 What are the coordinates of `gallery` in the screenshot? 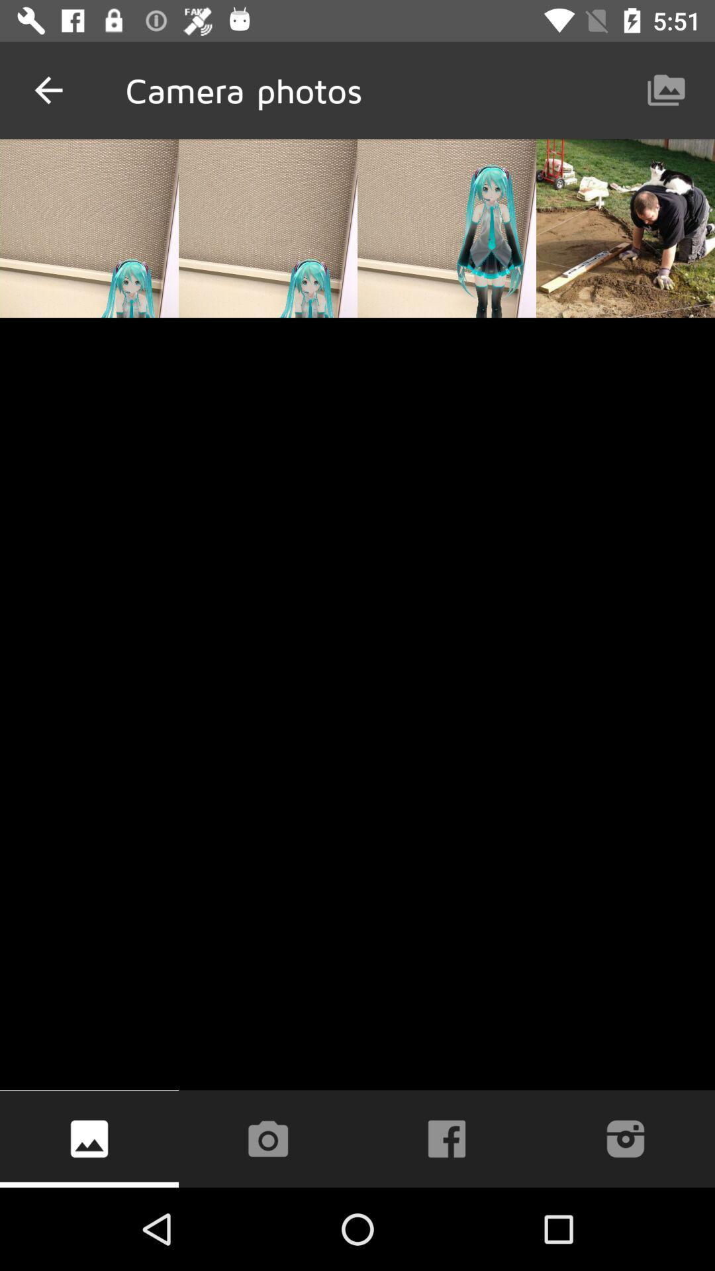 It's located at (89, 1138).